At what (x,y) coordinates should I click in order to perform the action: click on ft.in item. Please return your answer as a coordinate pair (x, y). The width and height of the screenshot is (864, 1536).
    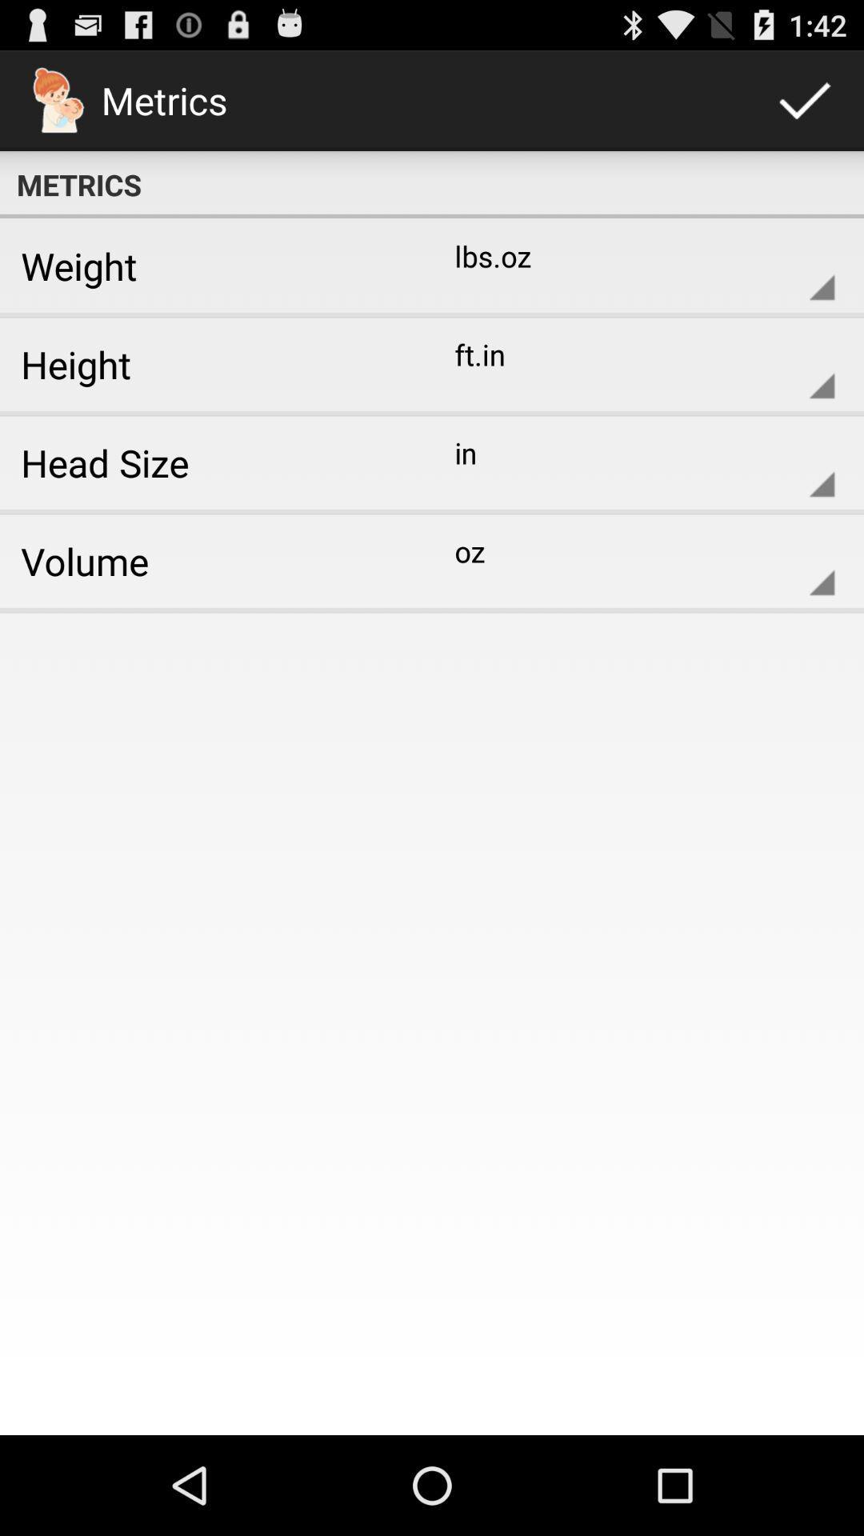
    Looking at the image, I should click on (631, 363).